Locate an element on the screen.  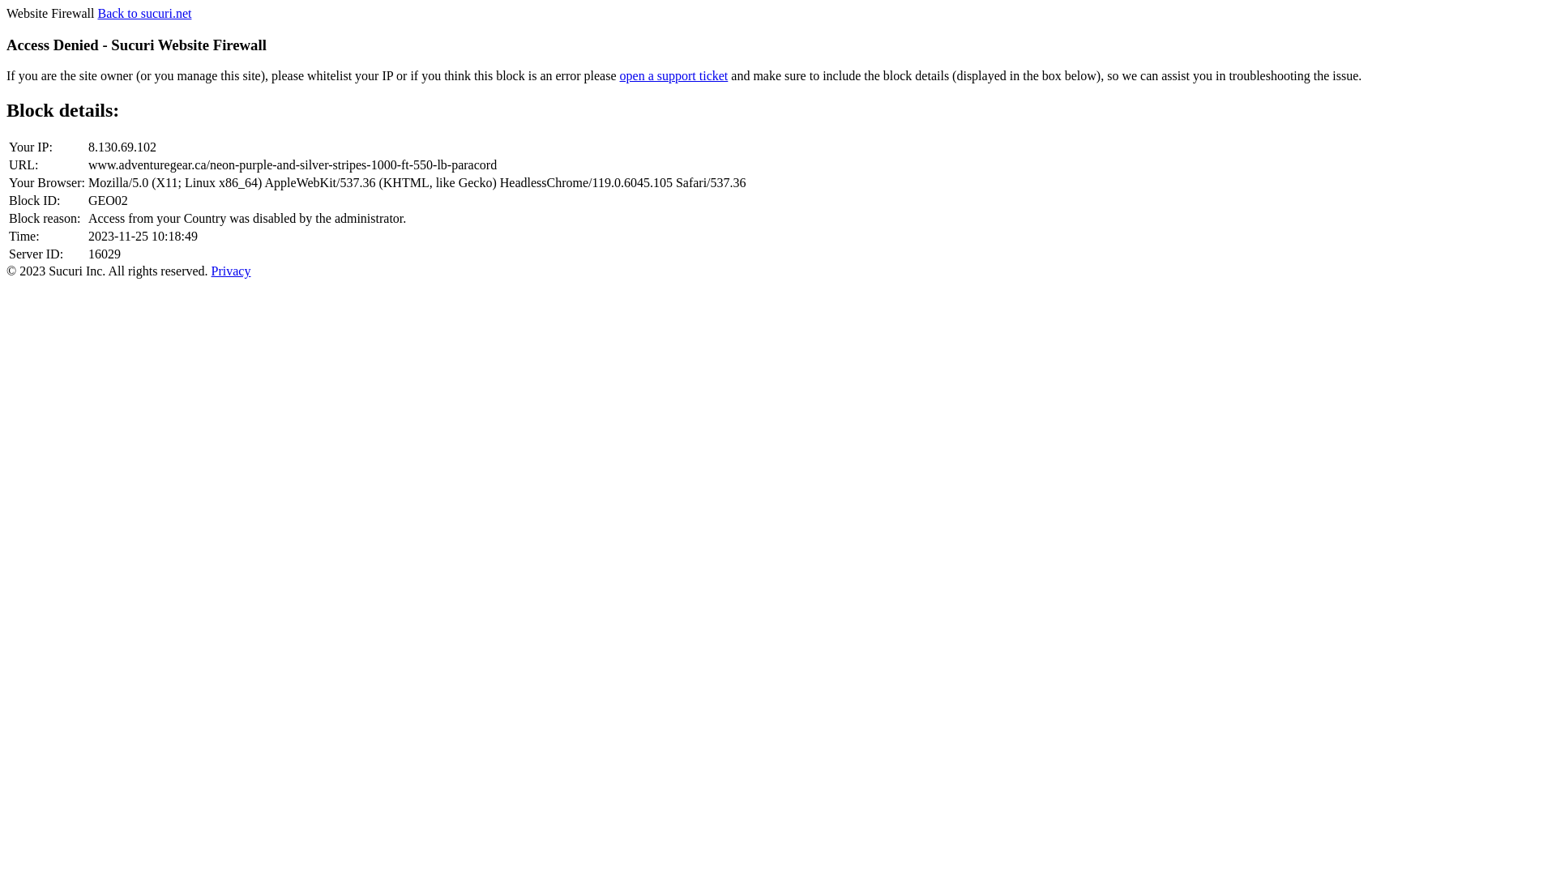
'open a support ticket' is located at coordinates (673, 75).